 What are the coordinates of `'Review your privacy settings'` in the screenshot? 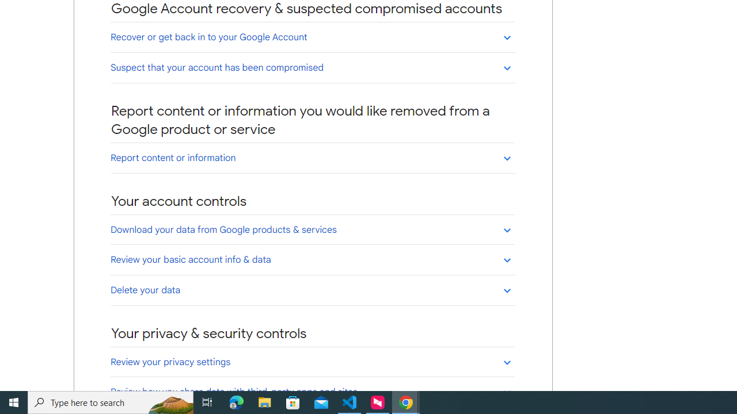 It's located at (312, 361).